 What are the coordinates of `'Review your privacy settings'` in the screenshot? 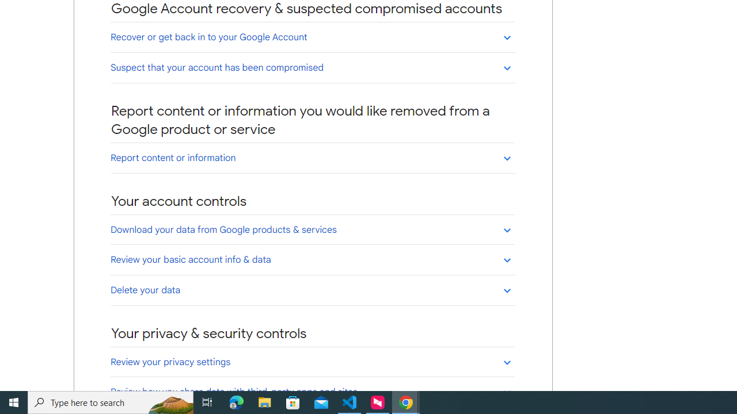 It's located at (312, 361).